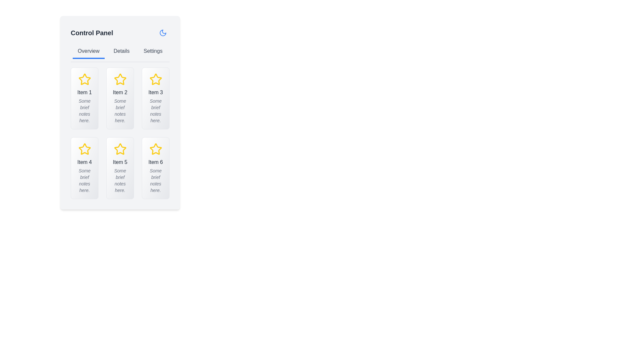 This screenshot has width=626, height=352. What do you see at coordinates (120, 110) in the screenshot?
I see `the static text element that displays 'Some brief notes here.' styled in small italicized gray font, located directly below the title 'Item 2' in the second column of a grid layout` at bounding box center [120, 110].